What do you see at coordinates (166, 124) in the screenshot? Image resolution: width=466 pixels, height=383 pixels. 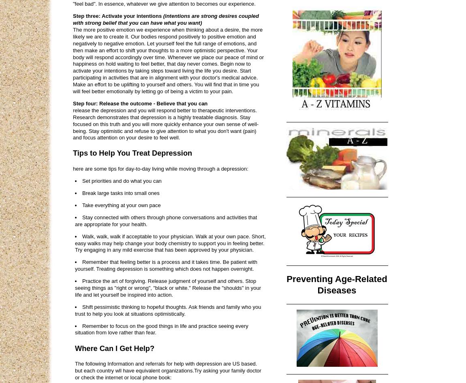 I see `'release the depression and you will respond better to therapeutic interventions. Research demonstrates that depression is a highly treatable diagnosis. Stay focused on this truth and you will more quickly enhance your own sense of well-being. Stay optimistic and refuse to give attention to what you don't want (pain) and focus attention on your desire to feel well.'` at bounding box center [166, 124].